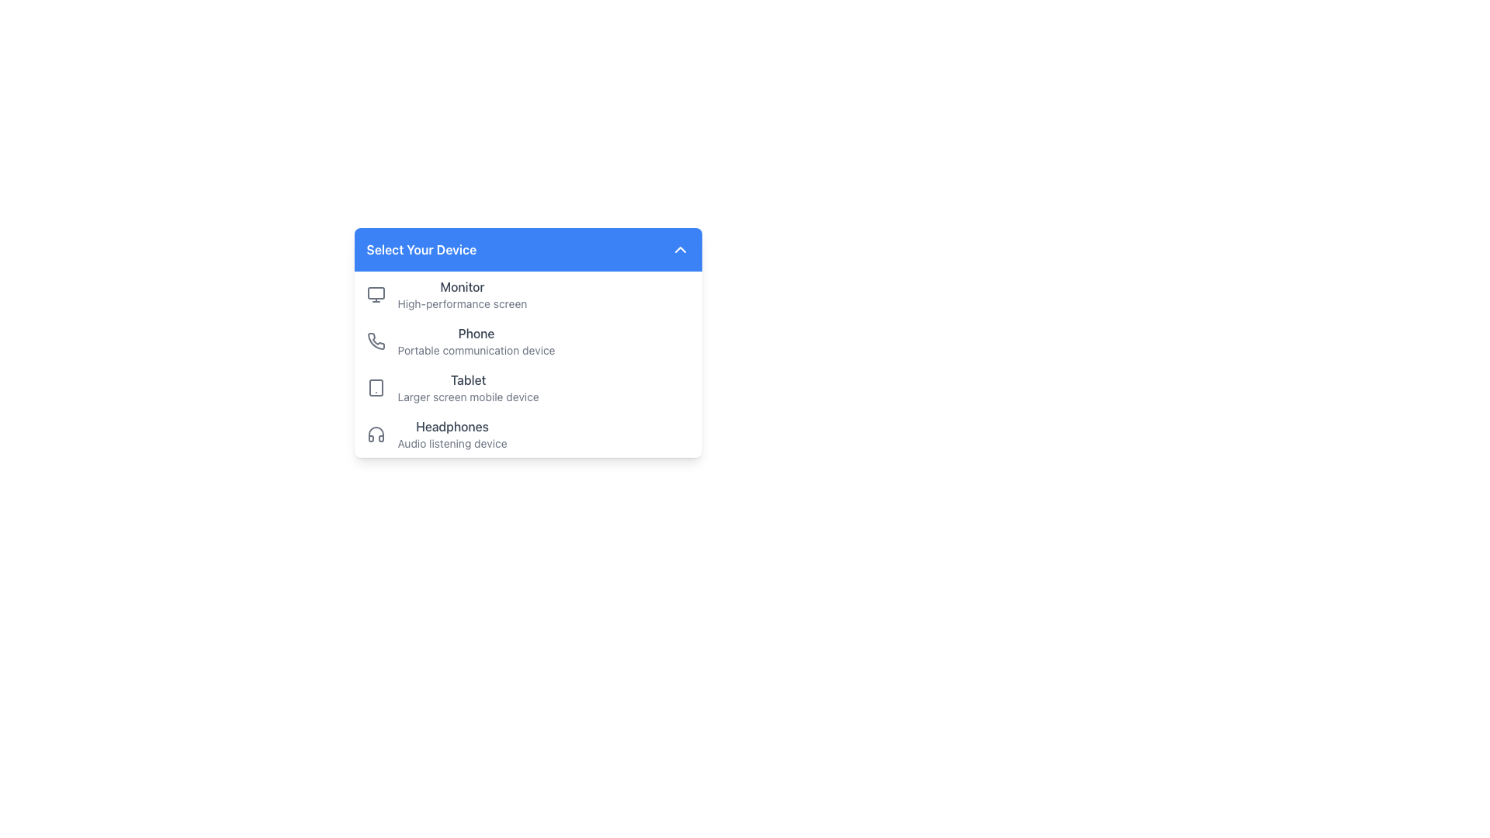 This screenshot has height=838, width=1490. I want to click on text label identifying the monitor in the dropdown menu under 'Select Your Device.', so click(461, 295).